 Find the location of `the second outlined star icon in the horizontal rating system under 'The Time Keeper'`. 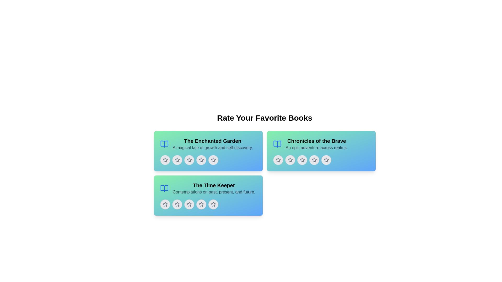

the second outlined star icon in the horizontal rating system under 'The Time Keeper' is located at coordinates (189, 204).